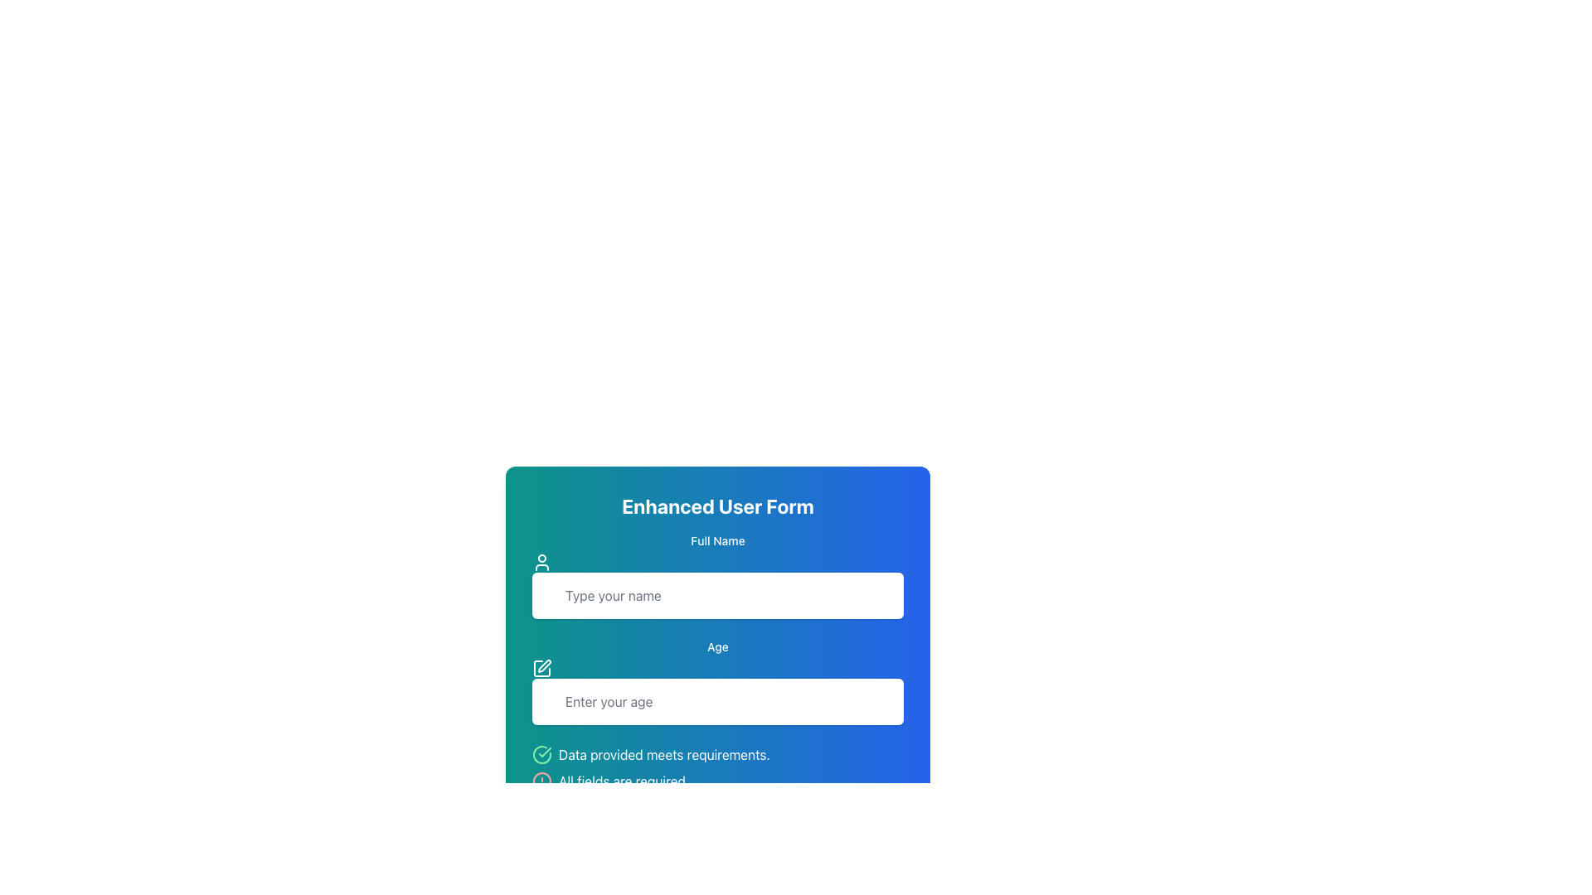 This screenshot has height=895, width=1592. Describe the element at coordinates (717, 681) in the screenshot. I see `the Text input field for age input to focus it, located directly below the 'Full Name' input field in the form` at that location.